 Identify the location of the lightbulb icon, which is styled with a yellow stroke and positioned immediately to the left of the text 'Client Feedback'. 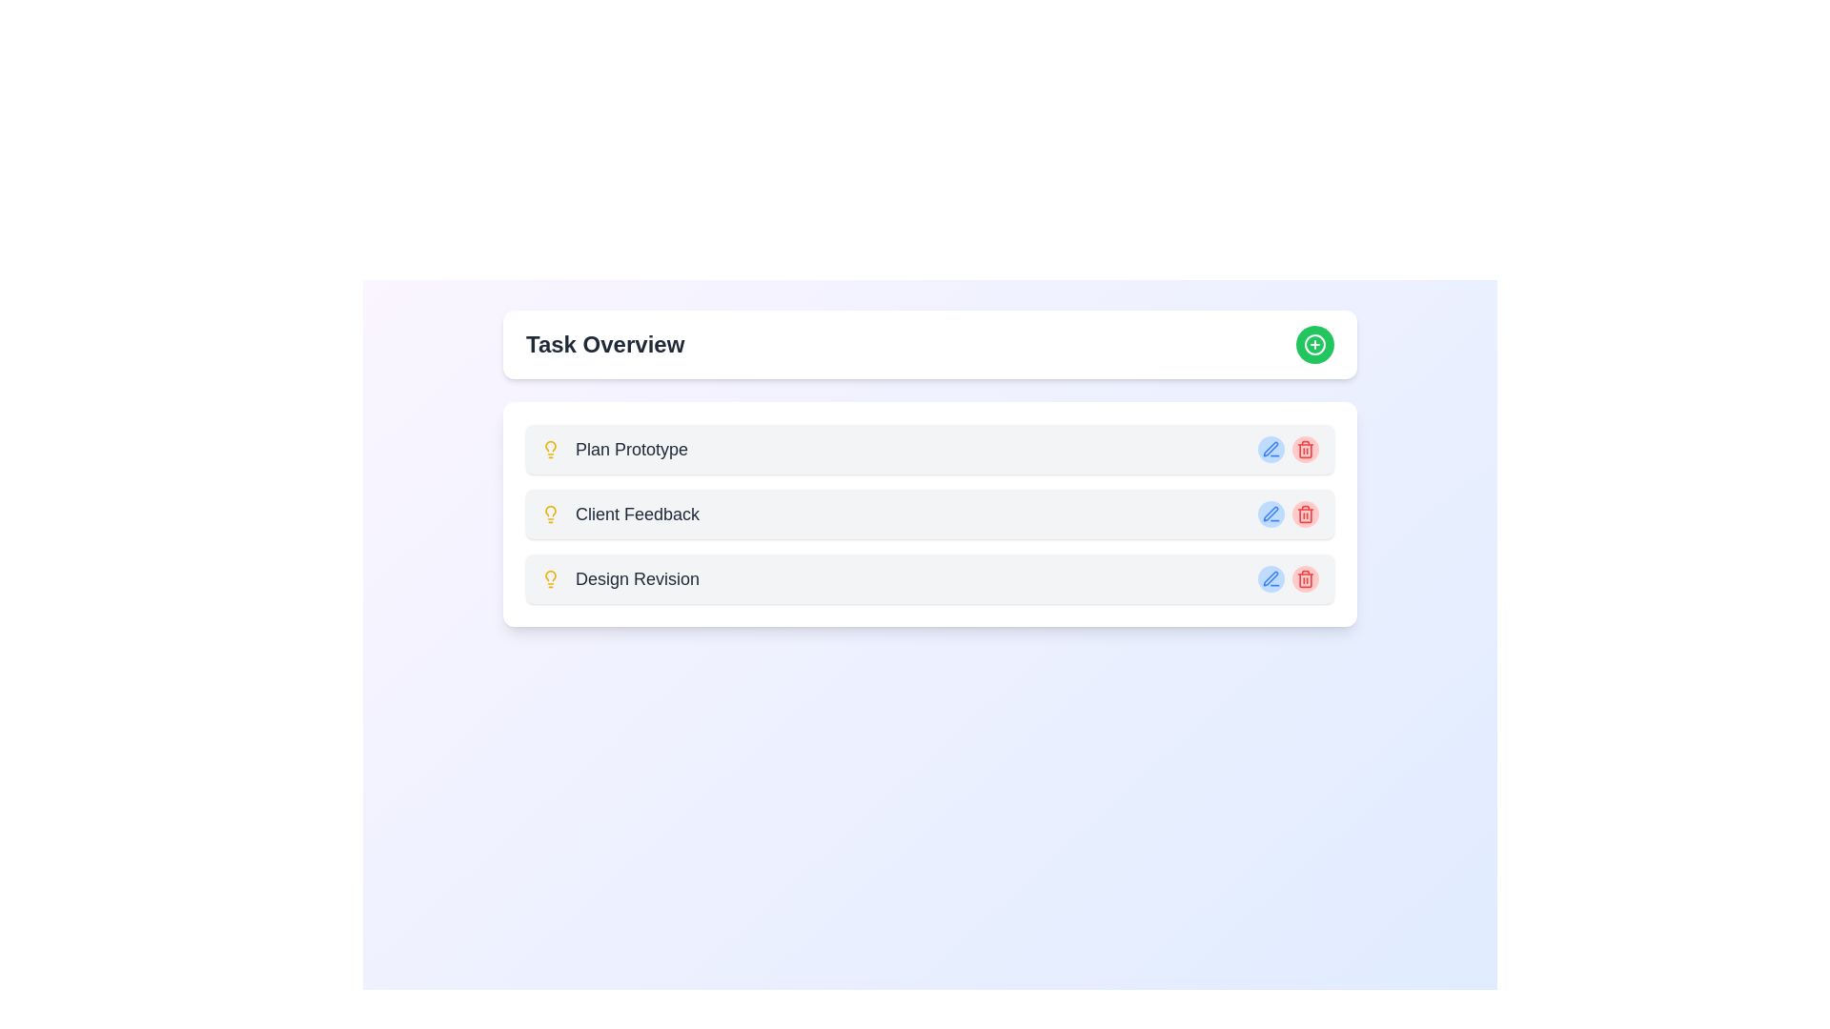
(549, 514).